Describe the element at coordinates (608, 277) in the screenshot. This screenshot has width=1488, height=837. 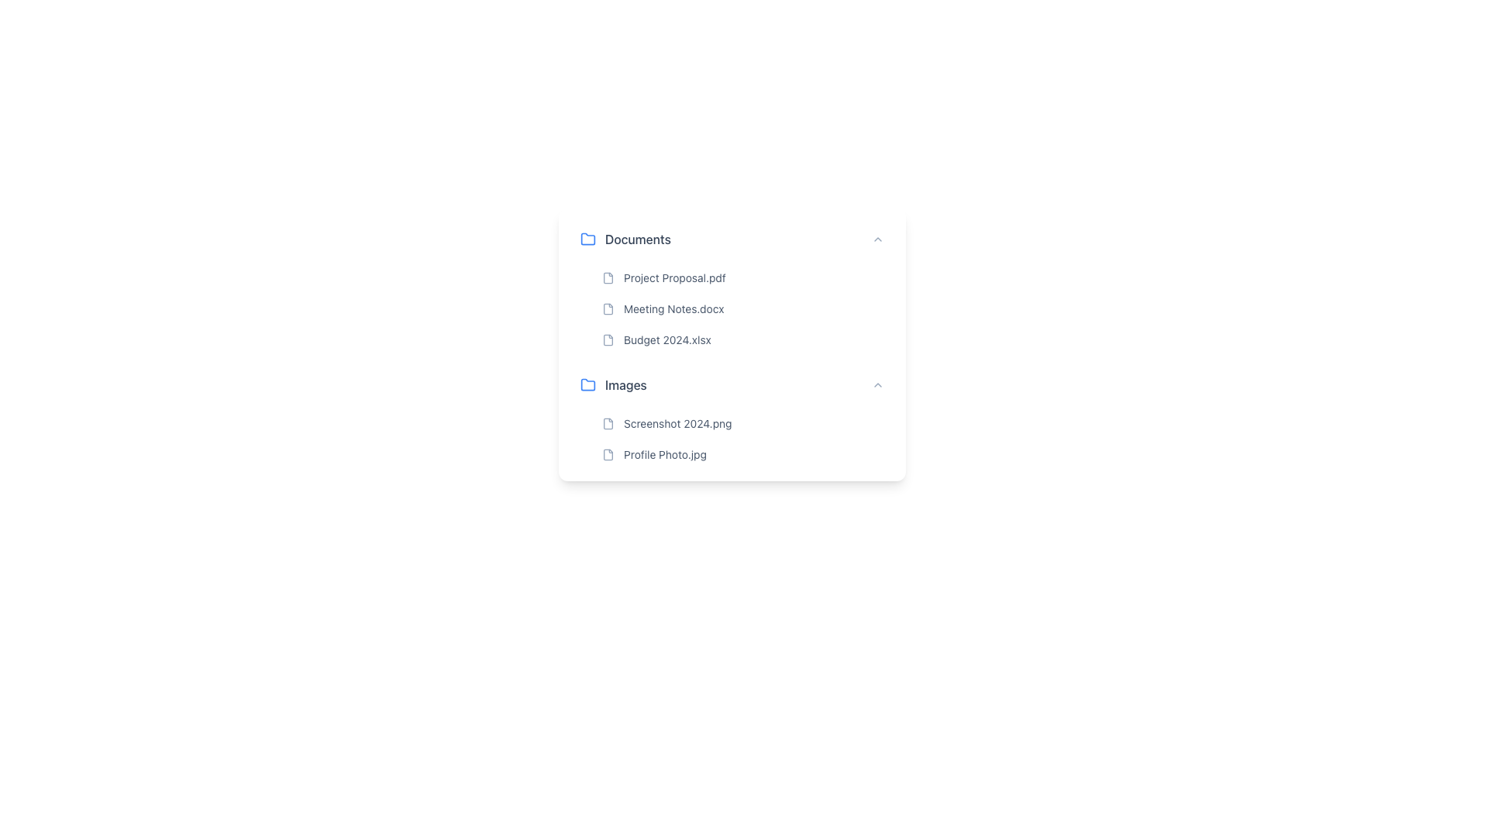
I see `the document icon that symbolizes the 'Project Proposal.pdf' file, located in the 'Documents' section, adjacent to the file's text description` at that location.